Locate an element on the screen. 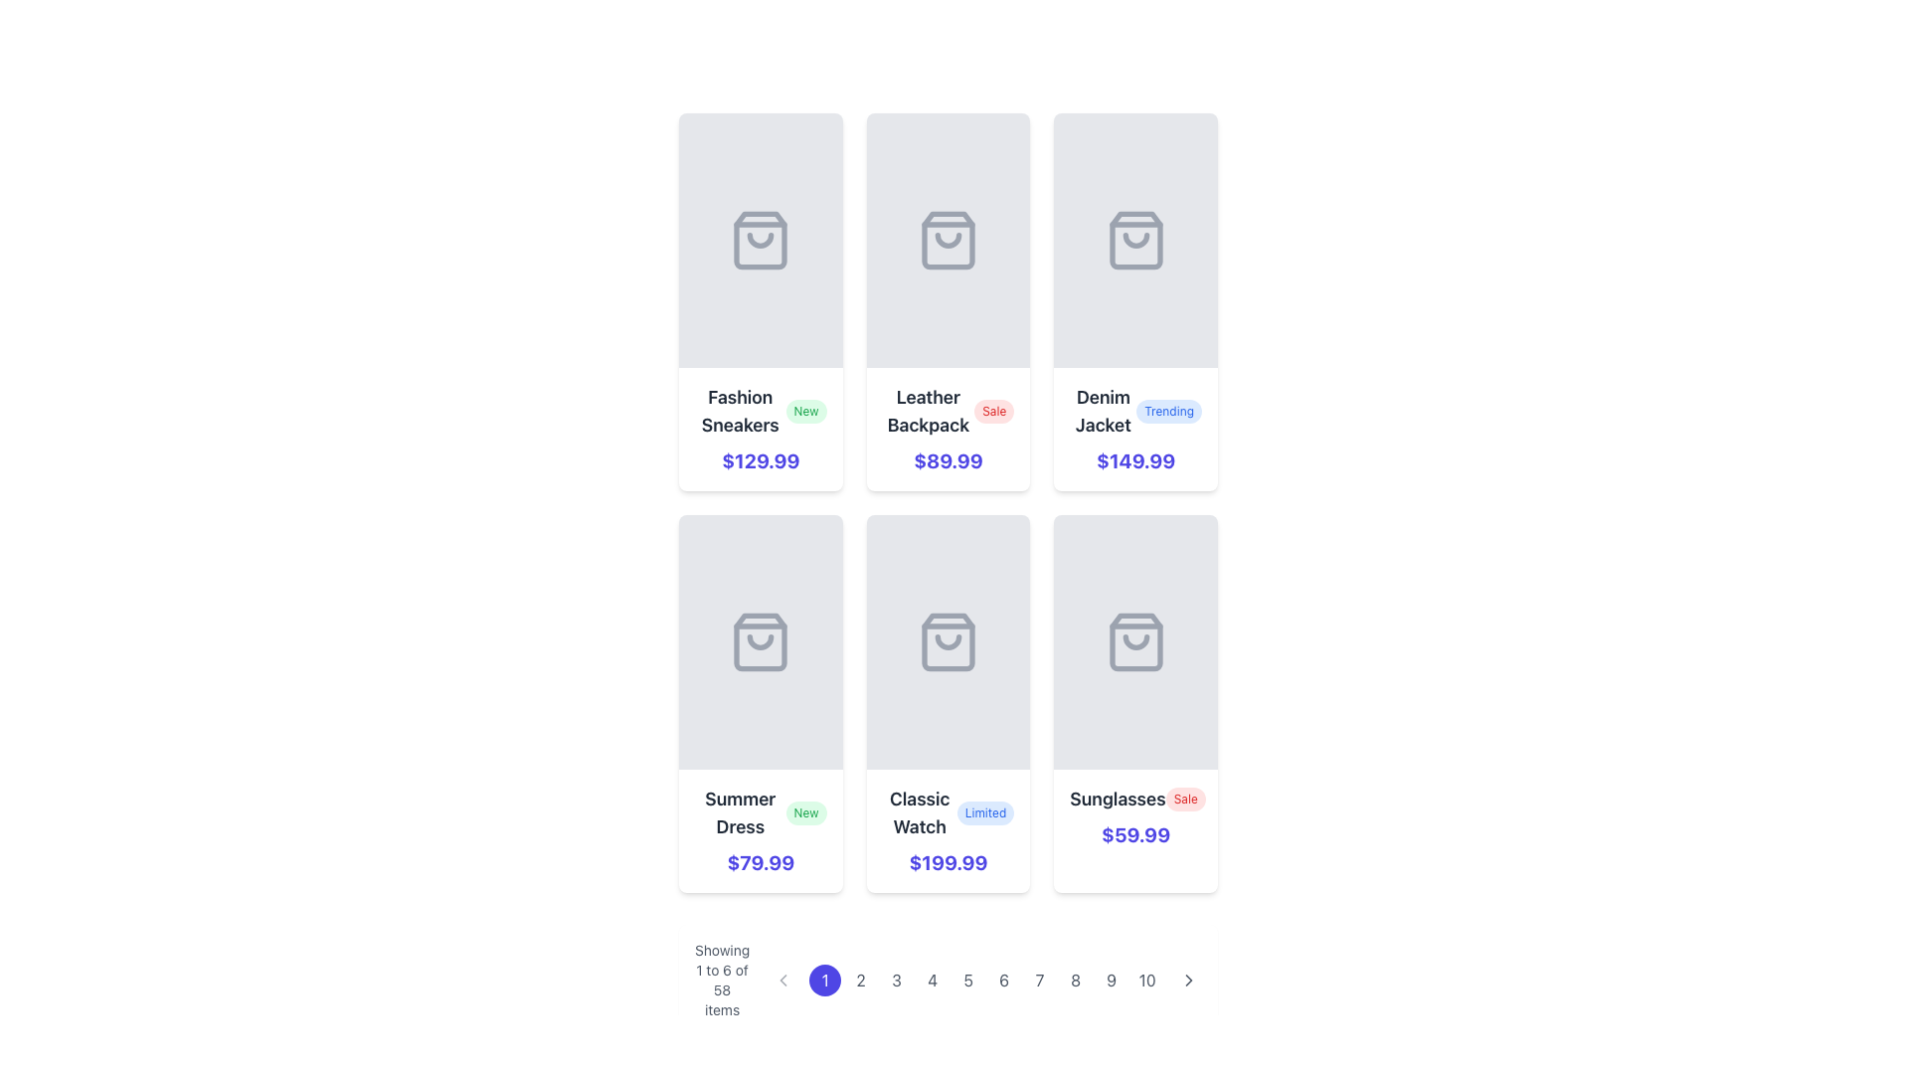  the shopping bag icon, which is gray and located in the center of the second column in the top row of a grid layout above the text 'Leather Backpack' is located at coordinates (948, 240).